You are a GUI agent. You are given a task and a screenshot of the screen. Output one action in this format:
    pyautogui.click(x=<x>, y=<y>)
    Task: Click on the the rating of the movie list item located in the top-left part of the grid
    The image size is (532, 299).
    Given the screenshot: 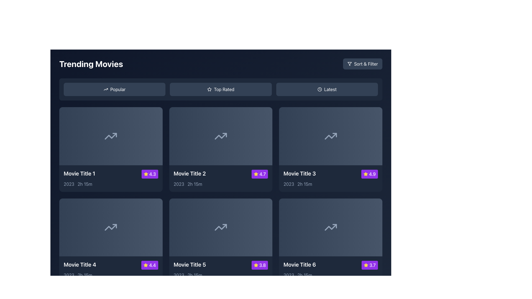 What is the action you would take?
    pyautogui.click(x=111, y=174)
    